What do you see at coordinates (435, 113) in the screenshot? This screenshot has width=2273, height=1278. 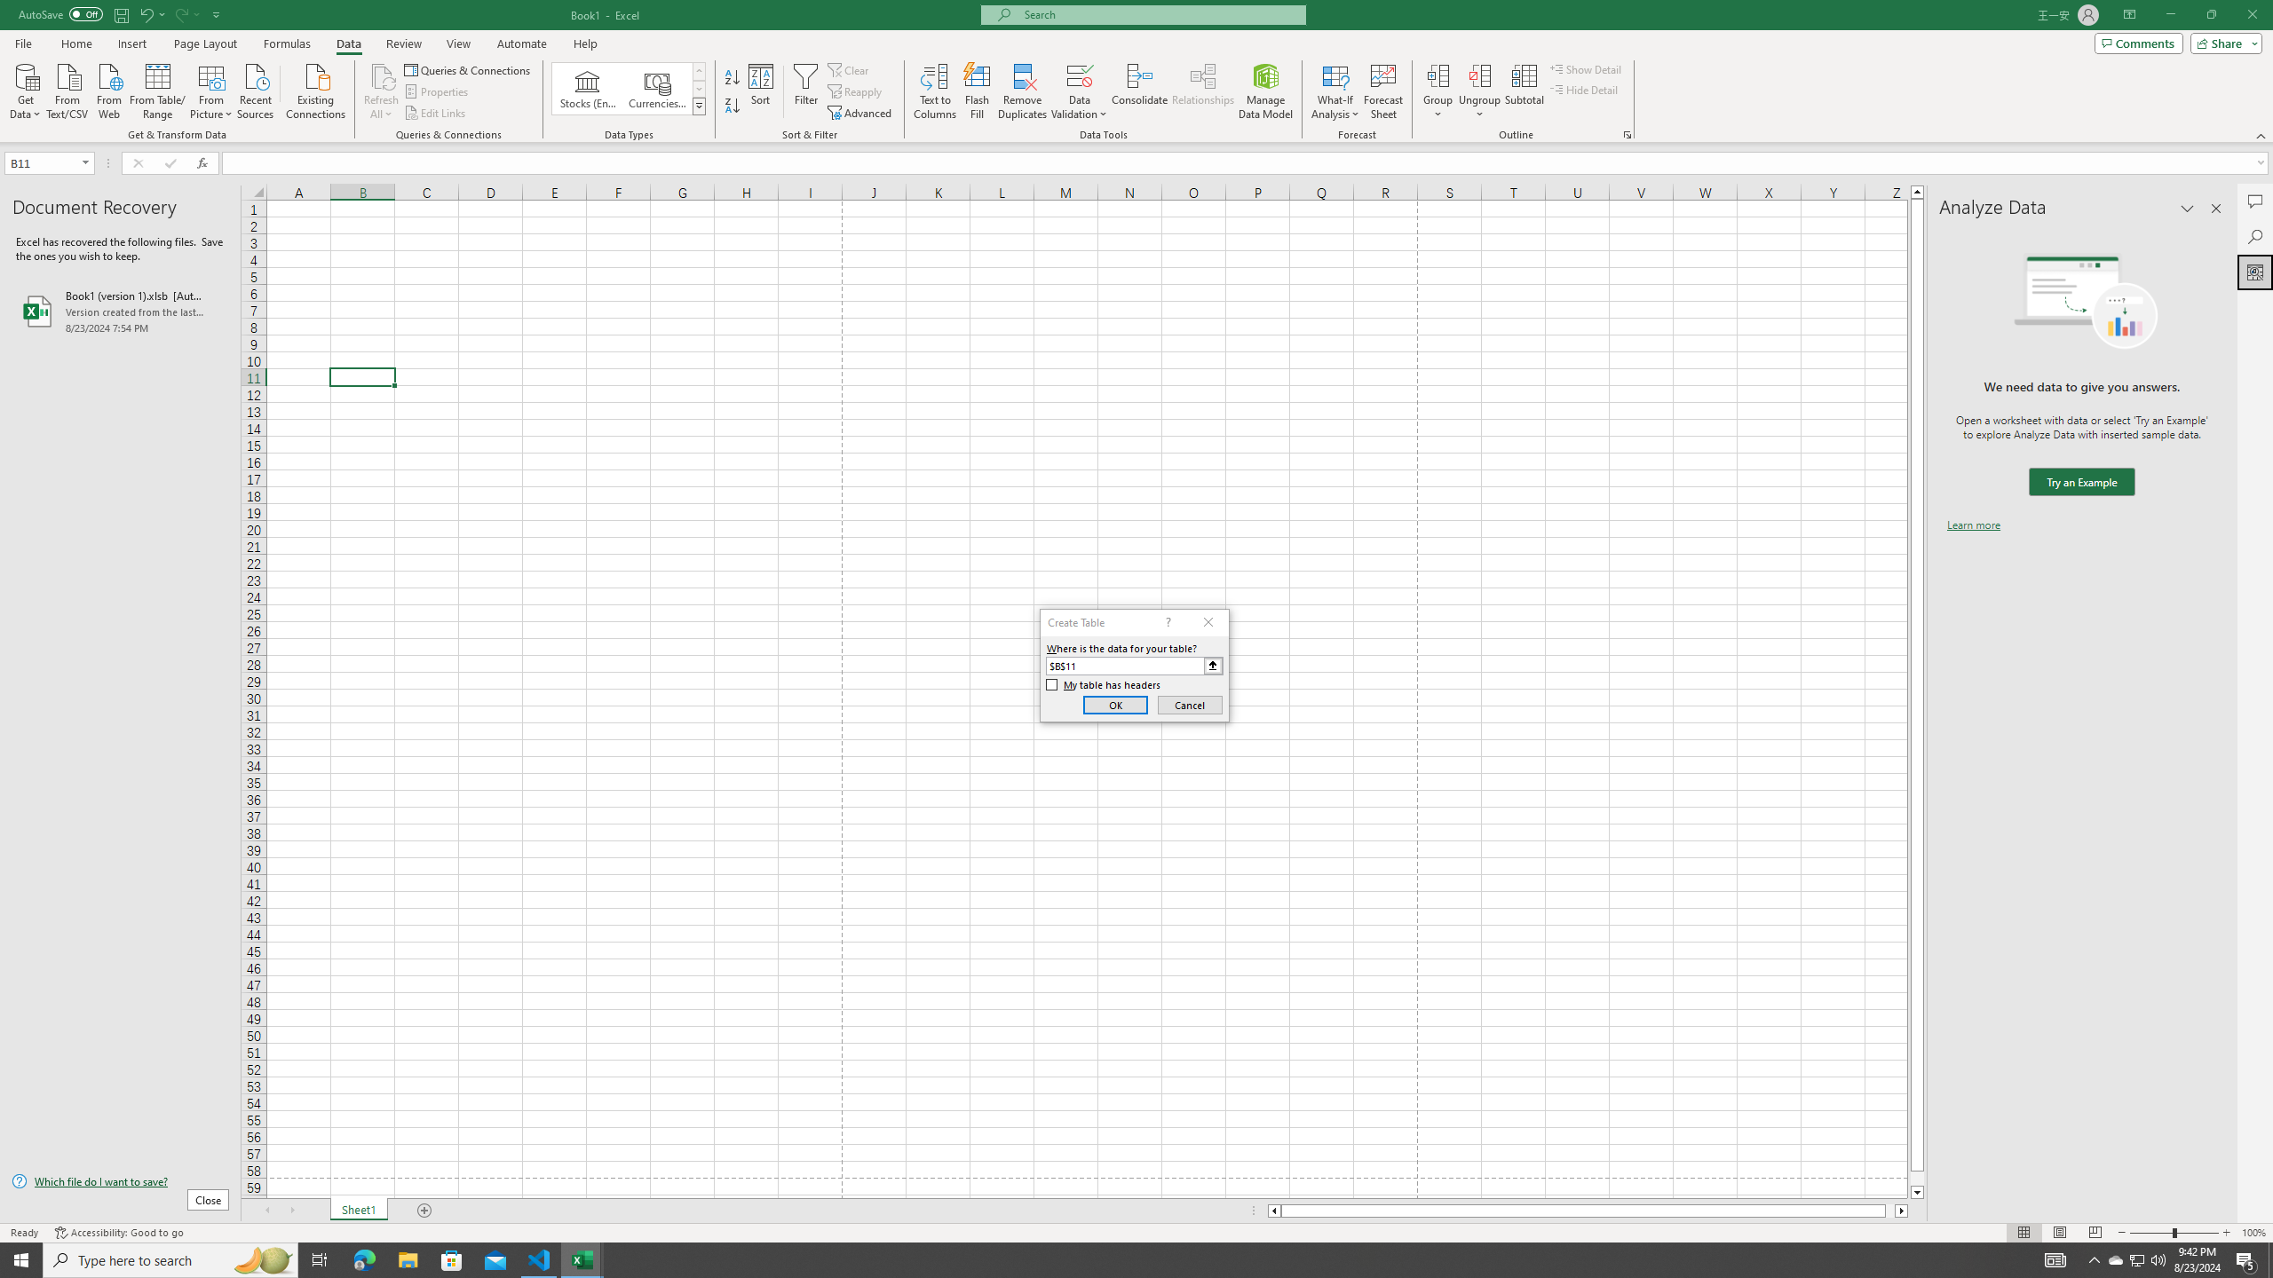 I see `'Edit Links'` at bounding box center [435, 113].